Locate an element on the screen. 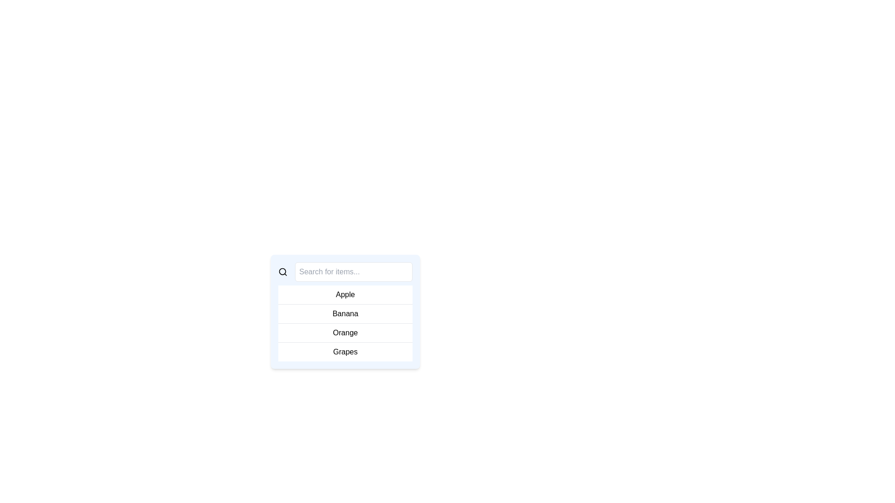 This screenshot has height=503, width=895. the list item representing 'Banana' in the dropdown list is located at coordinates (344, 314).